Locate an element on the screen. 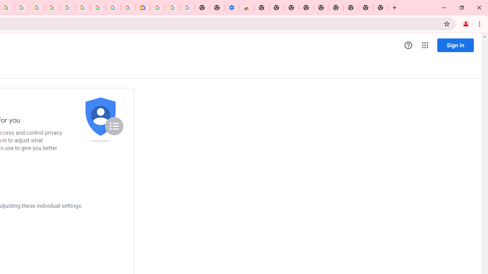 The width and height of the screenshot is (488, 274). 'Help' is located at coordinates (408, 45).